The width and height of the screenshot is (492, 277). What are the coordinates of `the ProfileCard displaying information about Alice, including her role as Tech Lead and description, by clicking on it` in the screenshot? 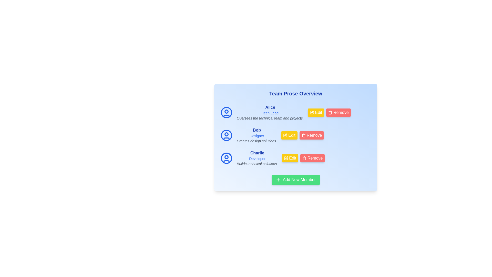 It's located at (295, 112).